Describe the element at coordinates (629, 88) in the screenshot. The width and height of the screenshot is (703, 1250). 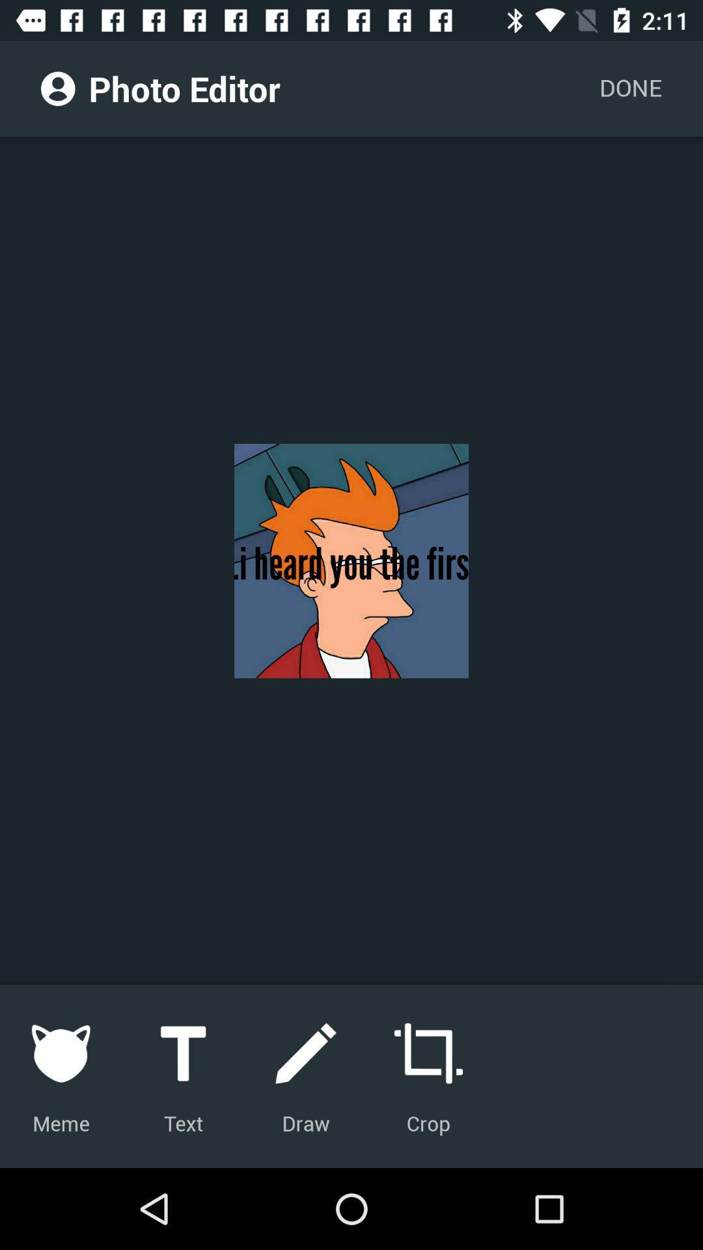
I see `the icon at the top right corner` at that location.